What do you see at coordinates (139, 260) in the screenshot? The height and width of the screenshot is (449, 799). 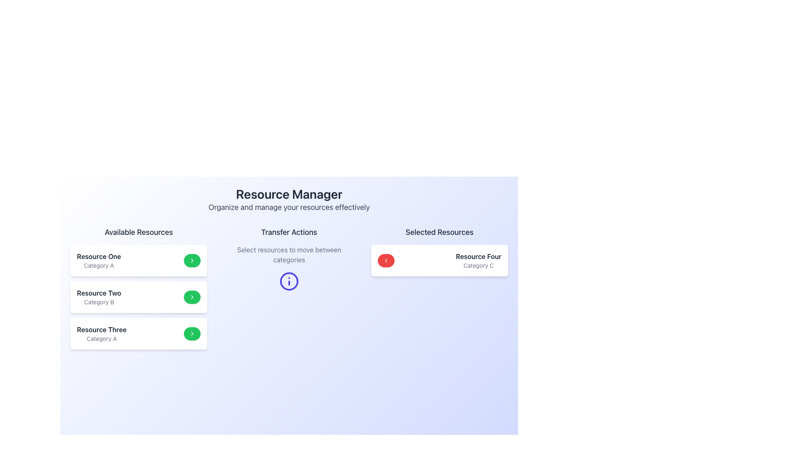 I see `displayed information from the 'Resource One' card component in the 'Available Resources' section, which is the first card in the vertical list` at bounding box center [139, 260].